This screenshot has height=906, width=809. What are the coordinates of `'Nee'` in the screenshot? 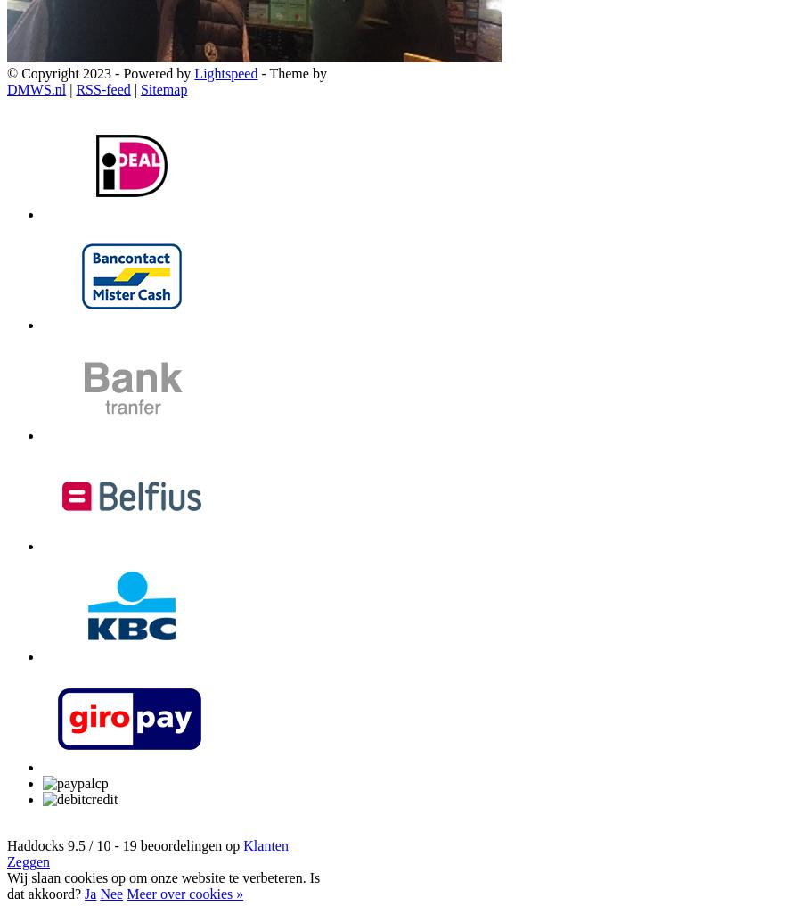 It's located at (111, 894).